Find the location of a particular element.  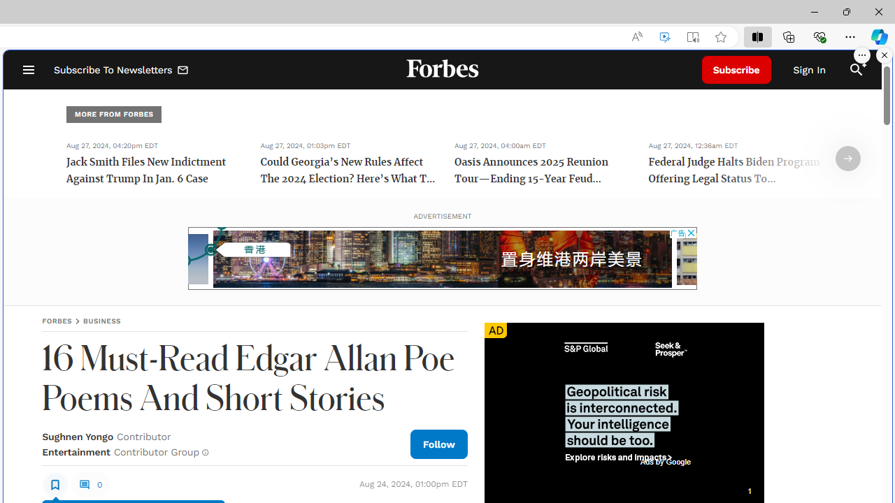

'Class: fs-icon fs-icon--info' is located at coordinates (204, 452).